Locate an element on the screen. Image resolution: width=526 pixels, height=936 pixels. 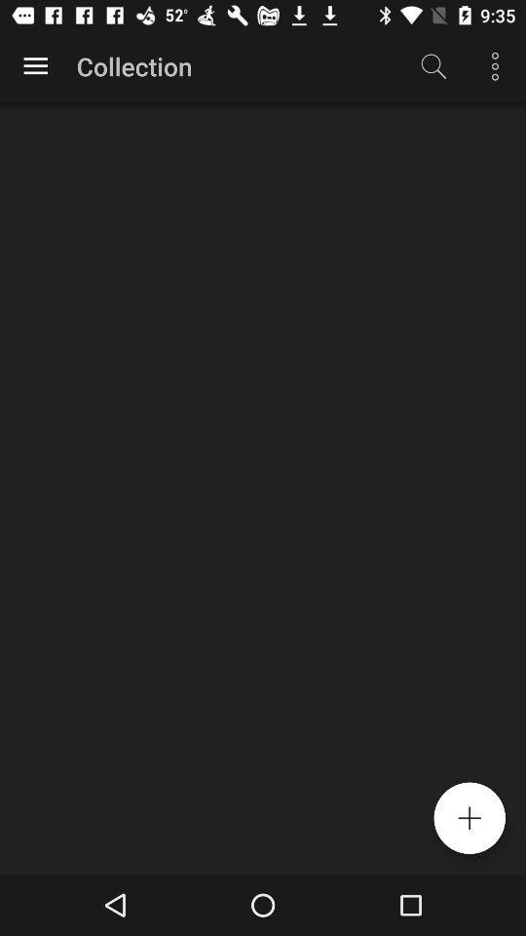
the icon to the right of collection icon is located at coordinates (433, 66).